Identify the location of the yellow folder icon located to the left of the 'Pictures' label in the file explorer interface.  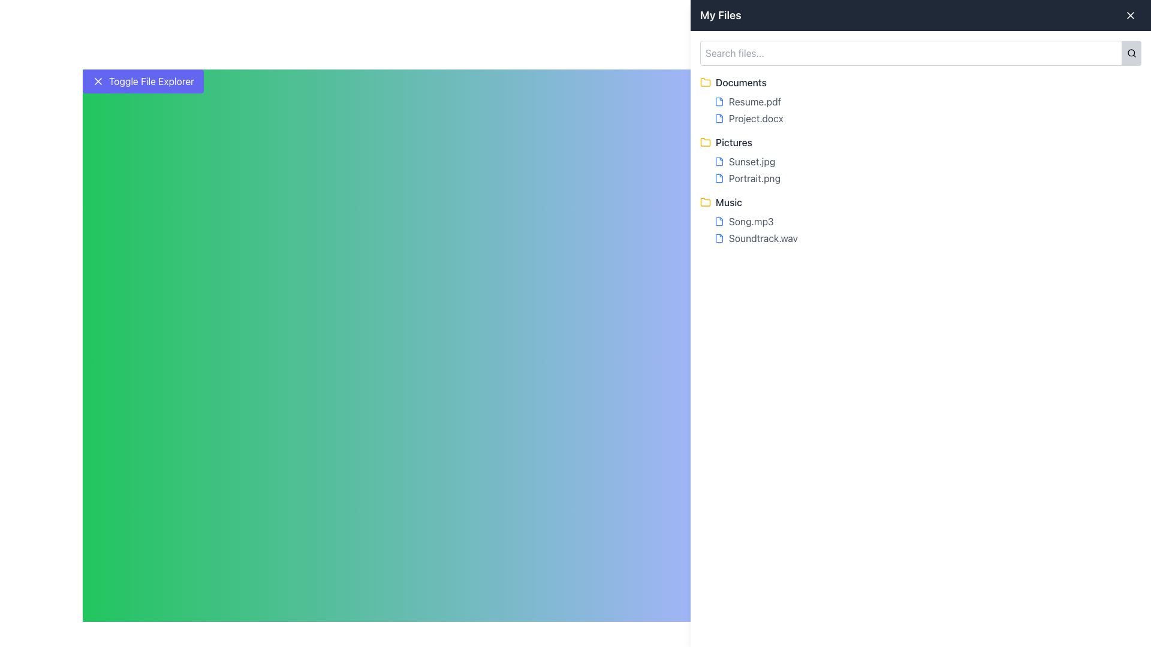
(705, 142).